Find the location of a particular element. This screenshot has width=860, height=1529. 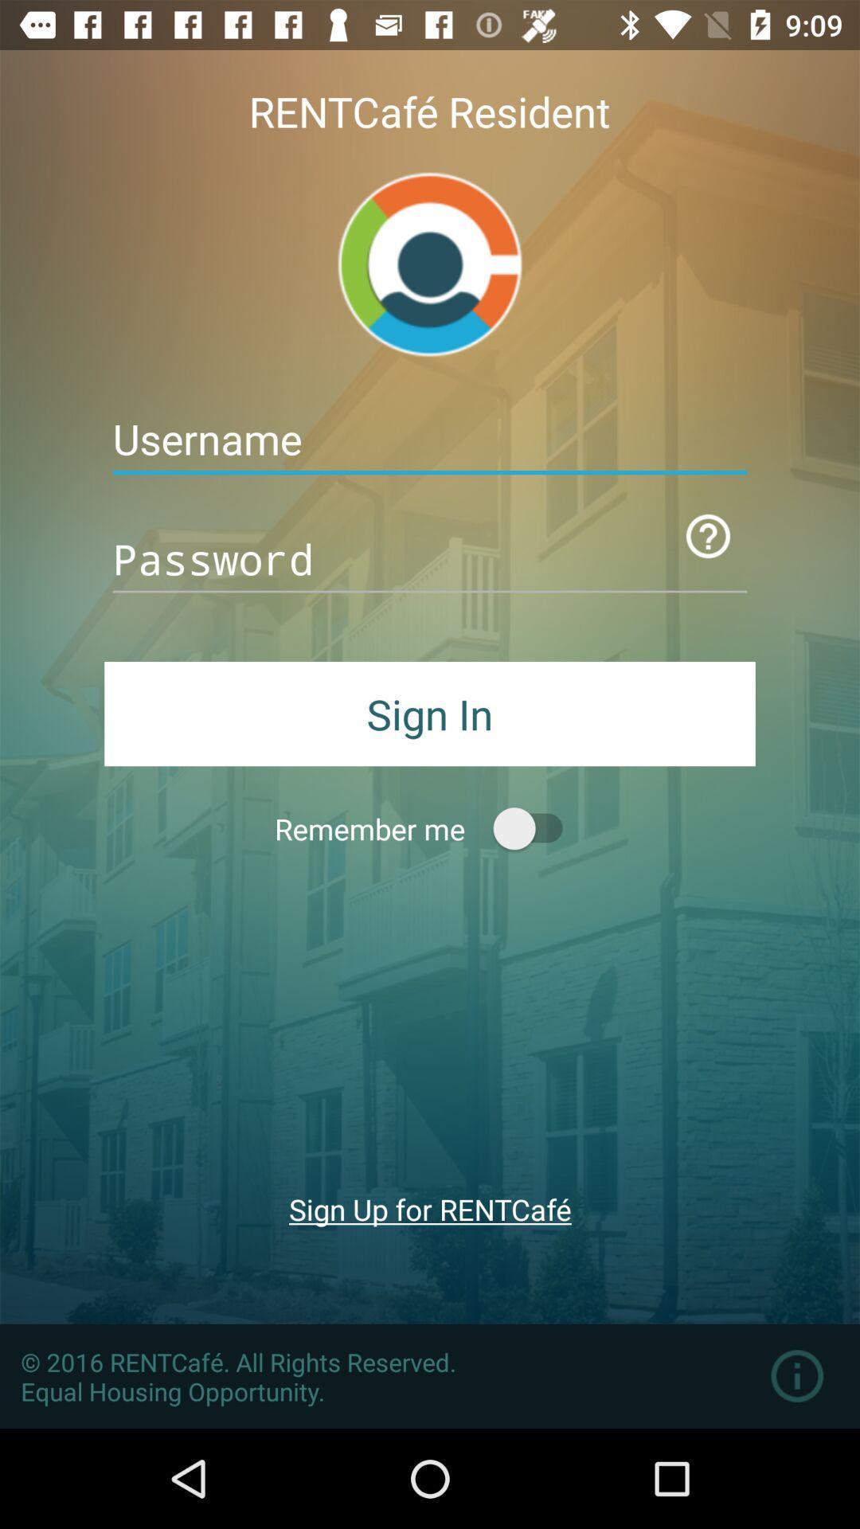

information is located at coordinates (797, 1375).